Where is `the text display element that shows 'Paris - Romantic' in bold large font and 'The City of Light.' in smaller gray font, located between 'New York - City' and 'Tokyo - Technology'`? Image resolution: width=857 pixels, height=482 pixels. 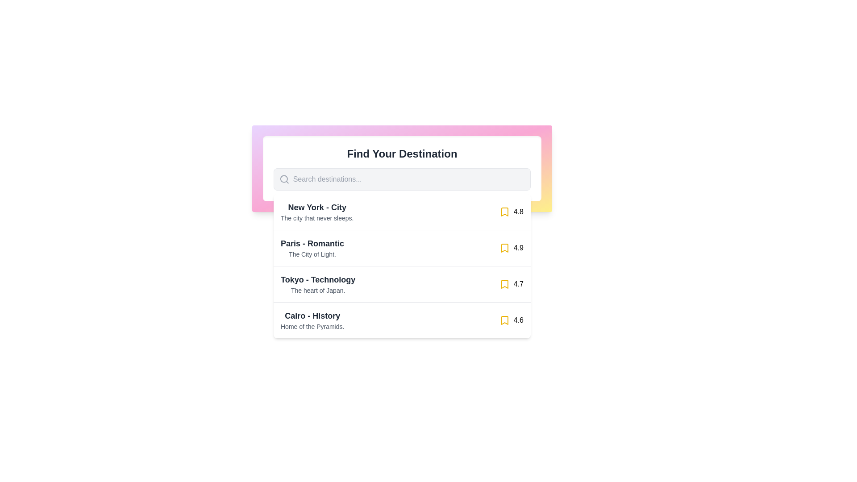 the text display element that shows 'Paris - Romantic' in bold large font and 'The City of Light.' in smaller gray font, located between 'New York - City' and 'Tokyo - Technology' is located at coordinates (312, 248).